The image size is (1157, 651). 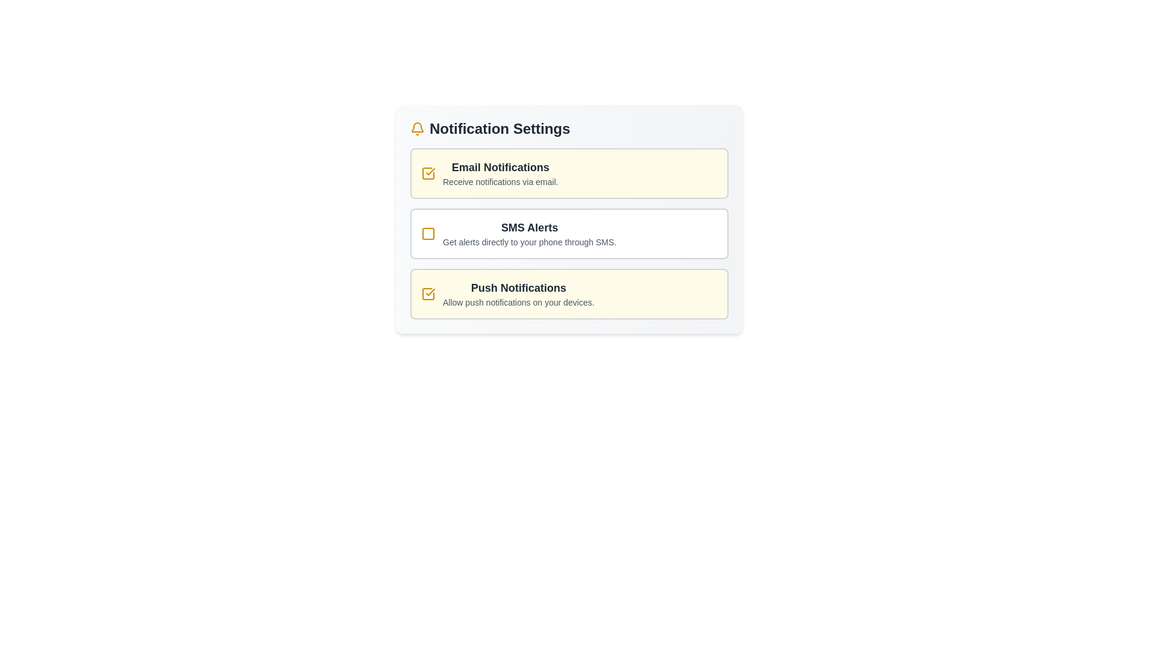 What do you see at coordinates (529, 234) in the screenshot?
I see `the informational text block that describes the SMS alert notification setting, located in the second card of the 'Notification Settings' group` at bounding box center [529, 234].